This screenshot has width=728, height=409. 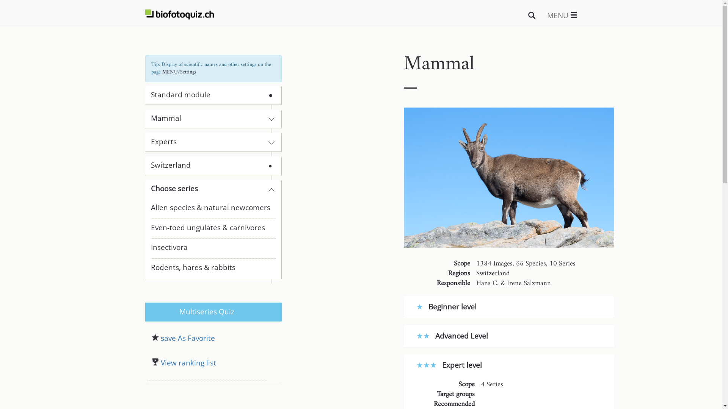 I want to click on 'Experts', so click(x=207, y=141).